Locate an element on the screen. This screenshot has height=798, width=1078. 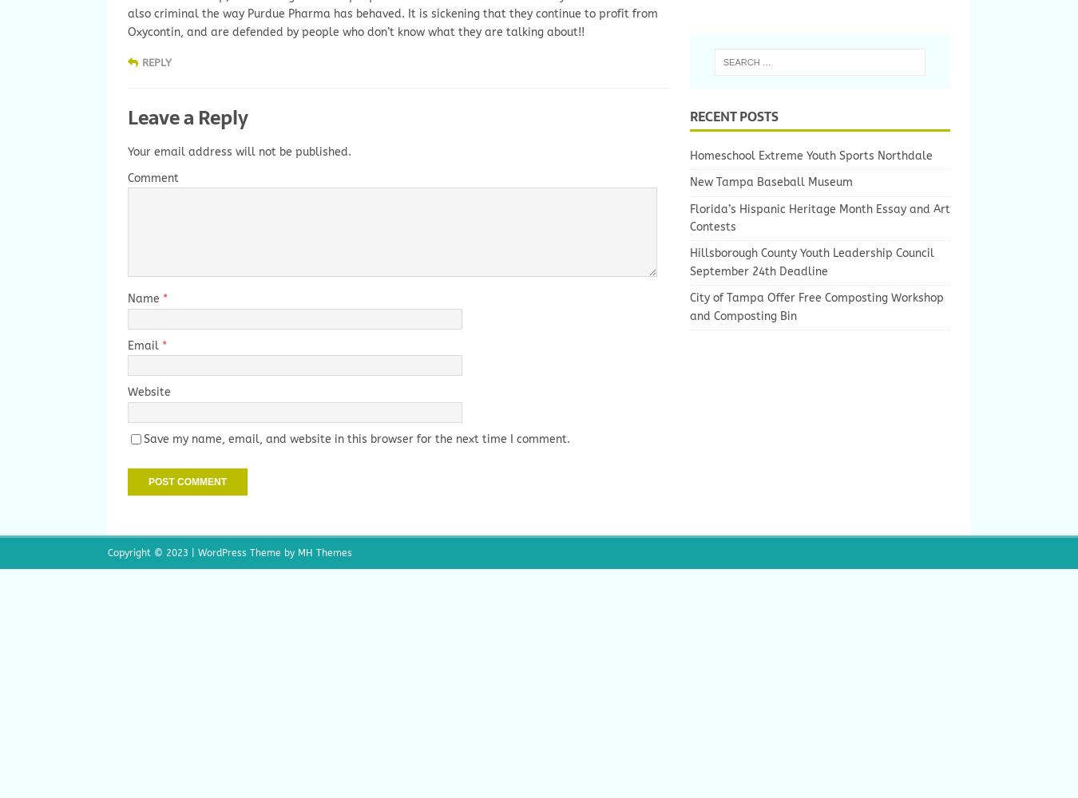
'MH Themes' is located at coordinates (325, 551).